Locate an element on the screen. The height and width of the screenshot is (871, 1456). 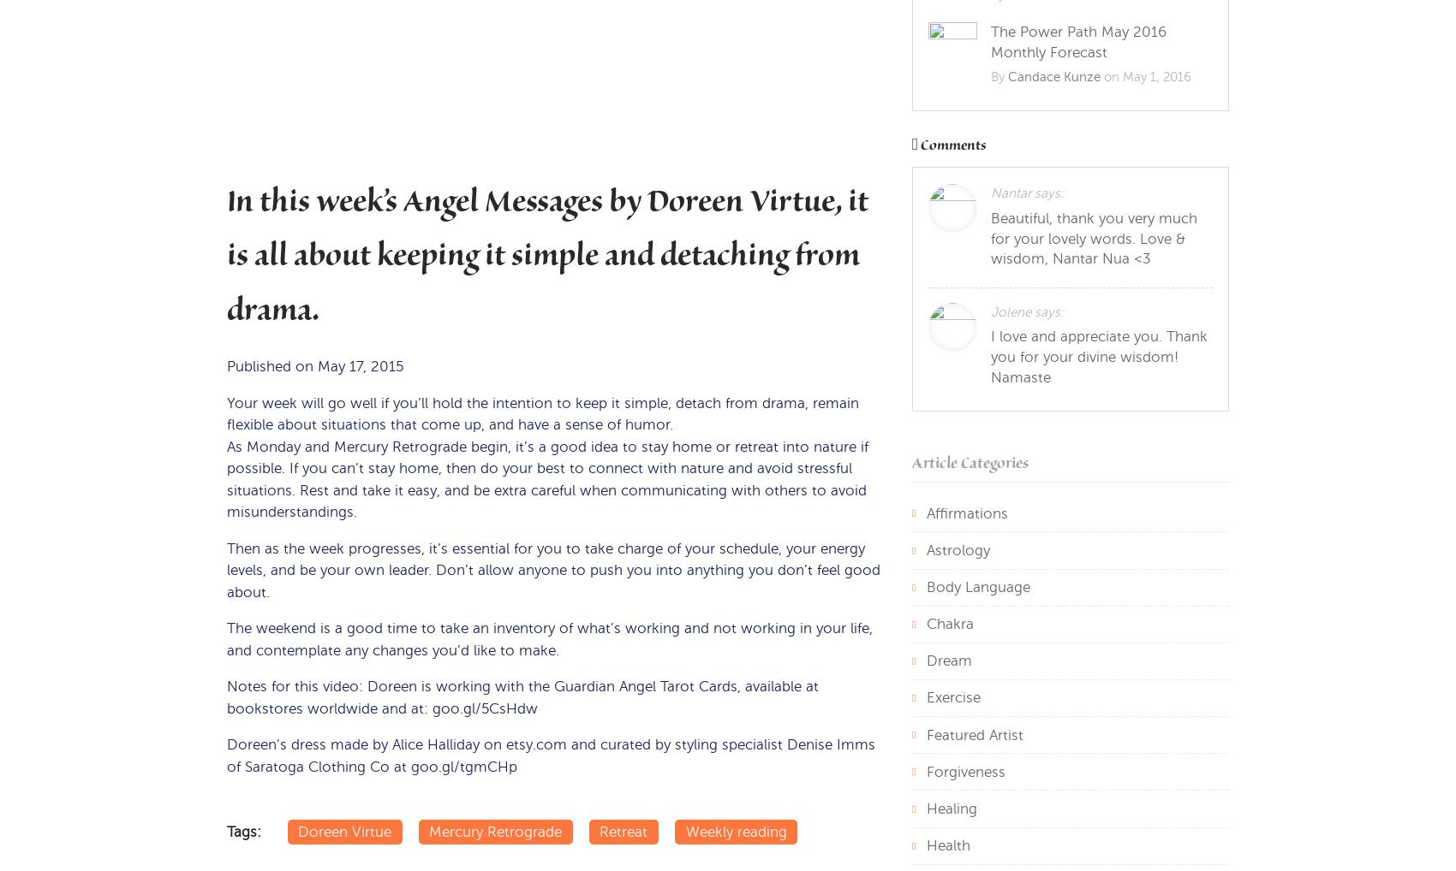
'Health' is located at coordinates (948, 844).